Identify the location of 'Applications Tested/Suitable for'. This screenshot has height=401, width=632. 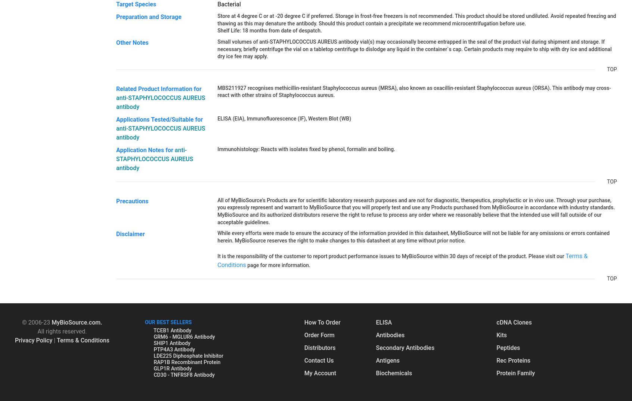
(159, 119).